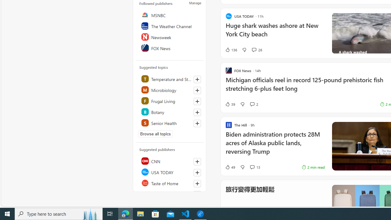  Describe the element at coordinates (275, 33) in the screenshot. I see `'Huge shark washes ashore at New York City beach'` at that location.